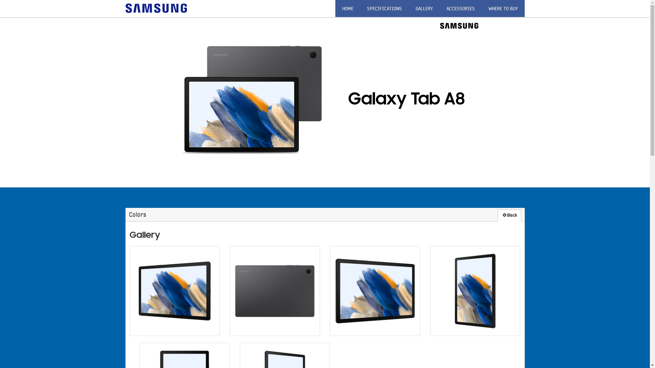 The image size is (655, 368). Describe the element at coordinates (347, 8) in the screenshot. I see `'HOME'` at that location.